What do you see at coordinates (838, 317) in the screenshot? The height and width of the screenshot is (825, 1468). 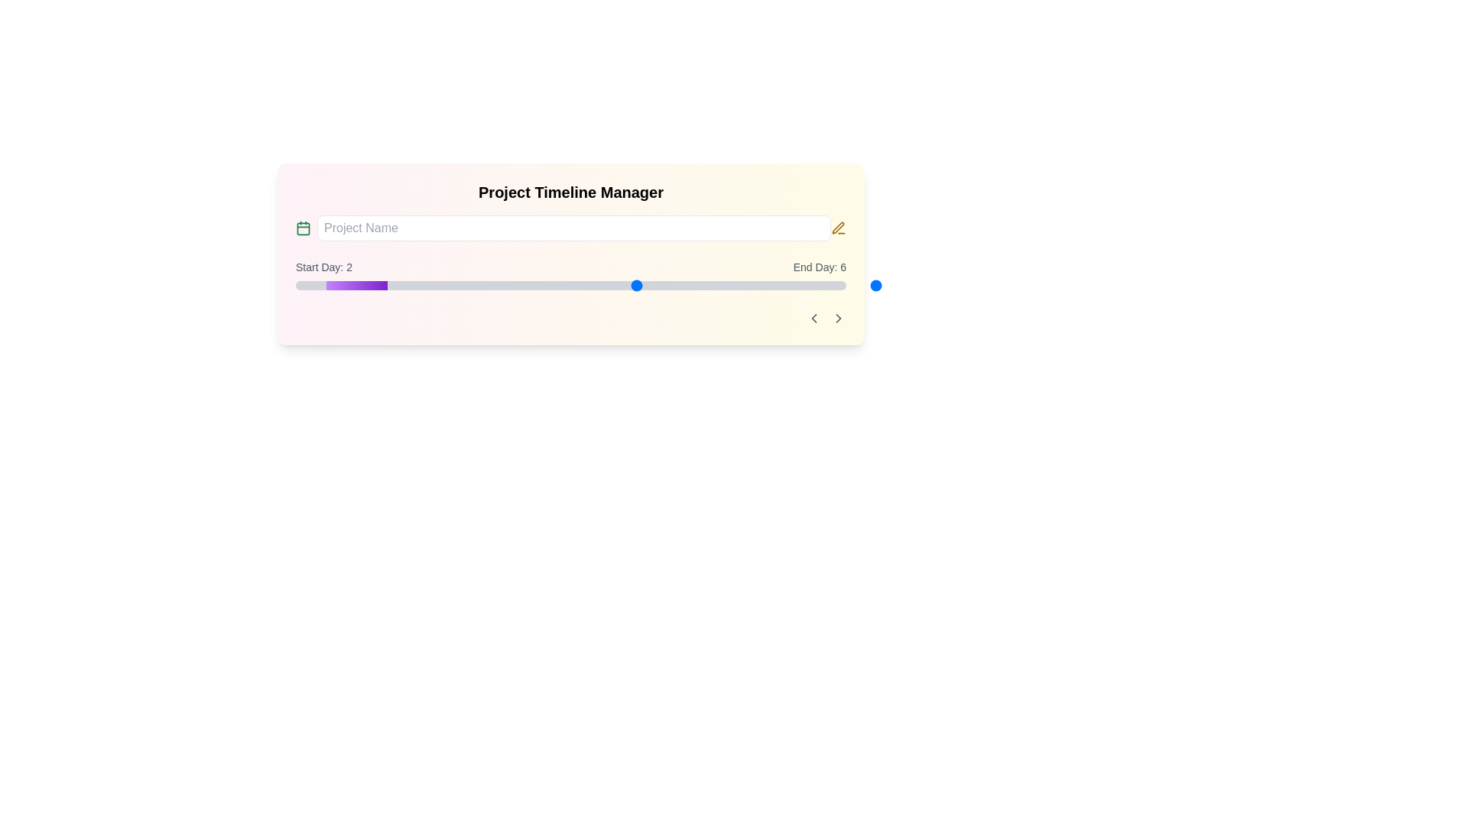 I see `the rightward-pointing chevron button, which is gray and darkens on hover` at bounding box center [838, 317].